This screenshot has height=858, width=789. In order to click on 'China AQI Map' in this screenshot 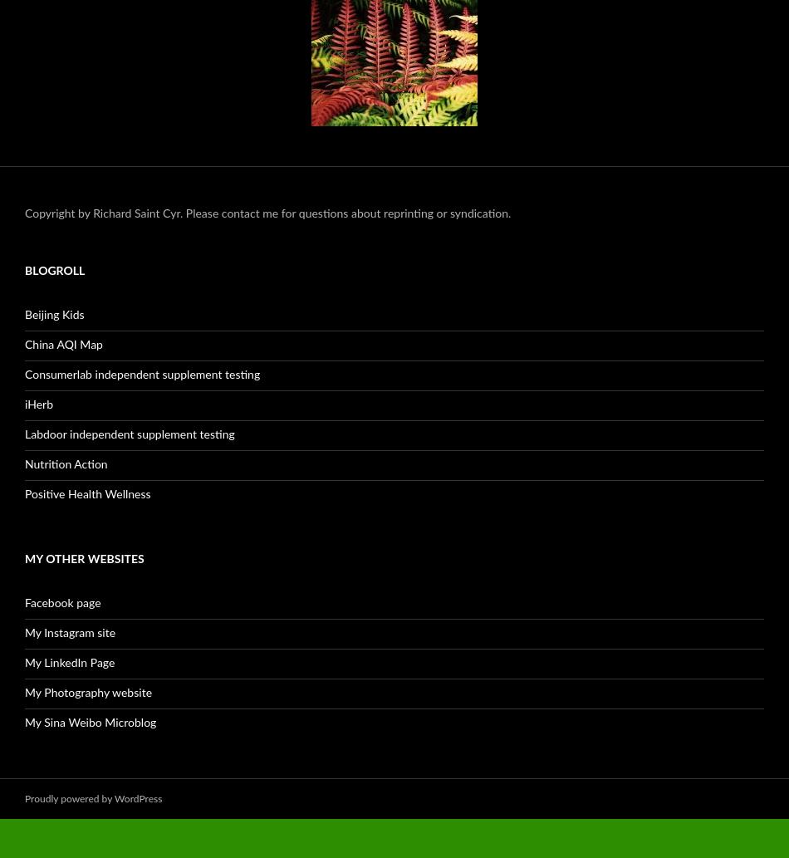, I will do `click(25, 344)`.